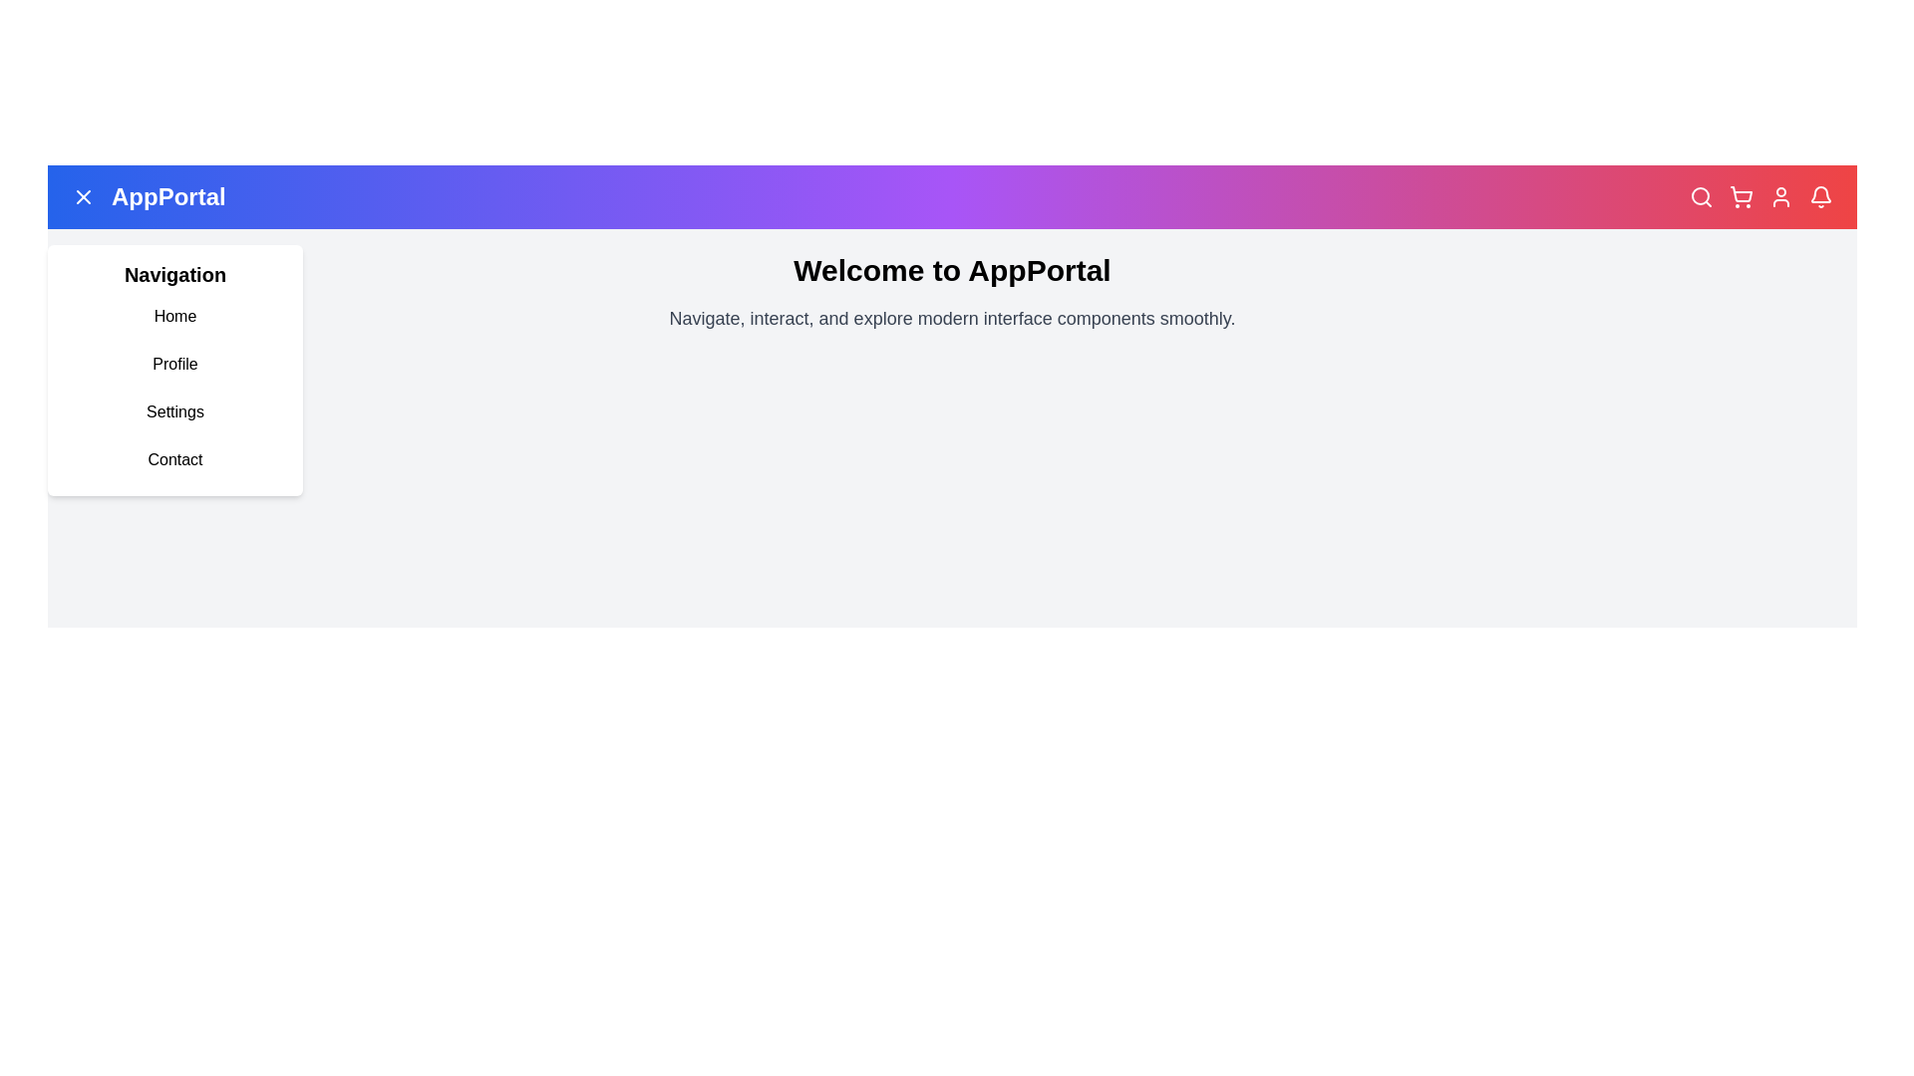 The image size is (1914, 1076). I want to click on the user profile icon located in the upper-right corner of the interface, so click(1780, 196).